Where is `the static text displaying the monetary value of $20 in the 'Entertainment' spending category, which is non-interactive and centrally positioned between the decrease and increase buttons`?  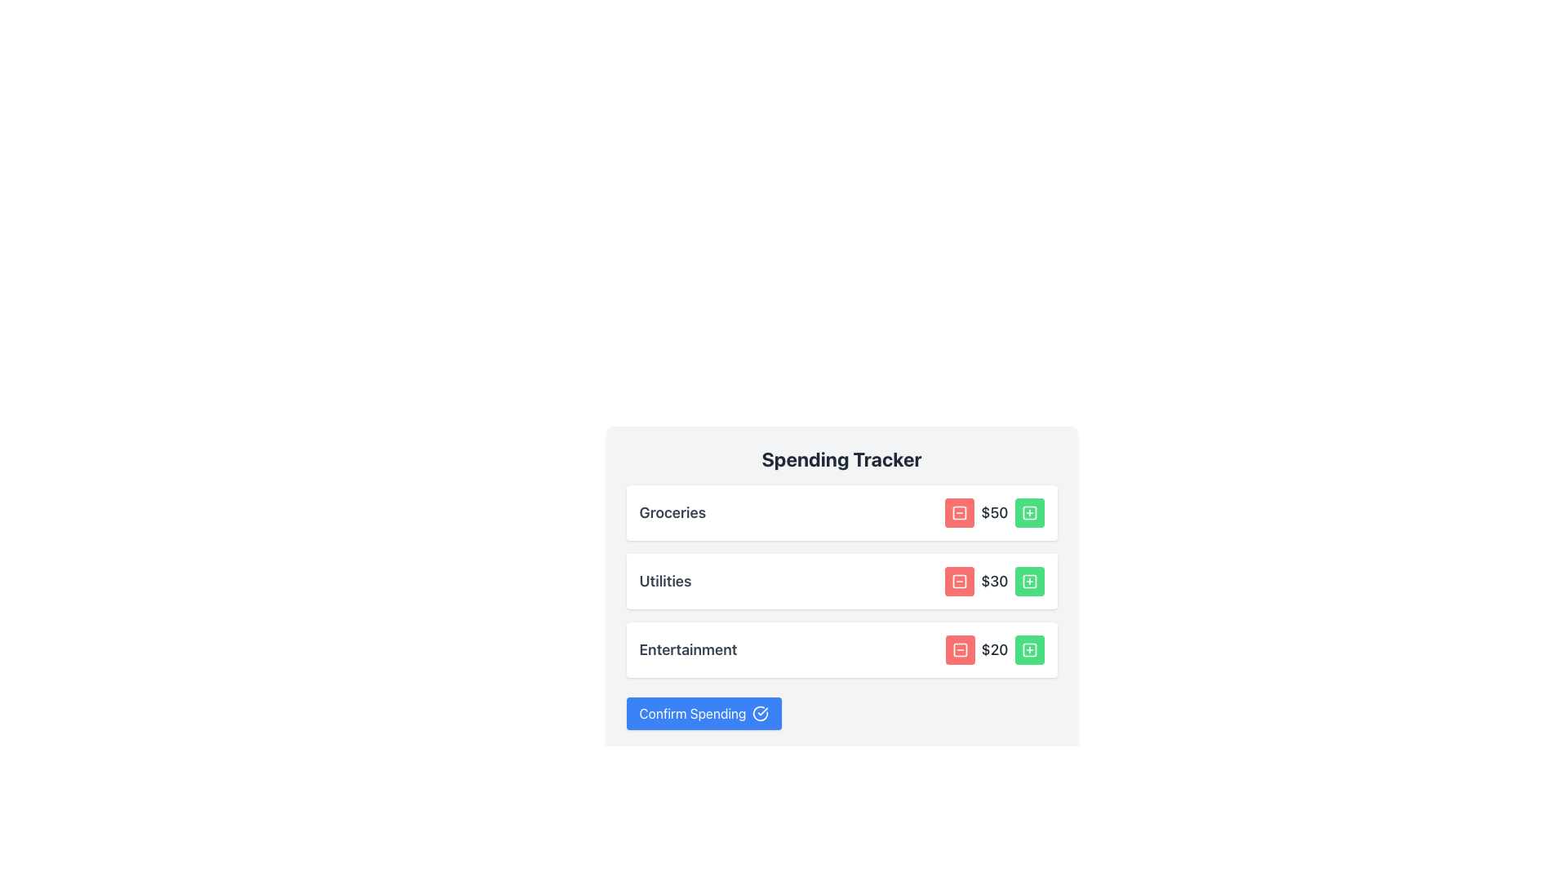 the static text displaying the monetary value of $20 in the 'Entertainment' spending category, which is non-interactive and centrally positioned between the decrease and increase buttons is located at coordinates (994, 649).